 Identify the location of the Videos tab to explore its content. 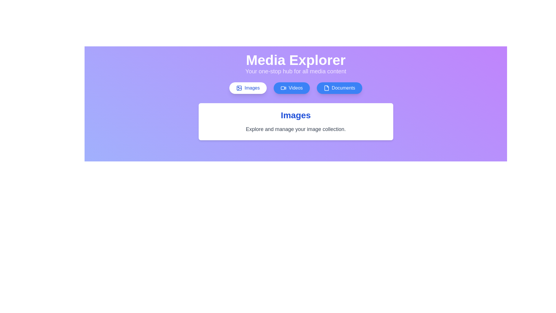
(292, 88).